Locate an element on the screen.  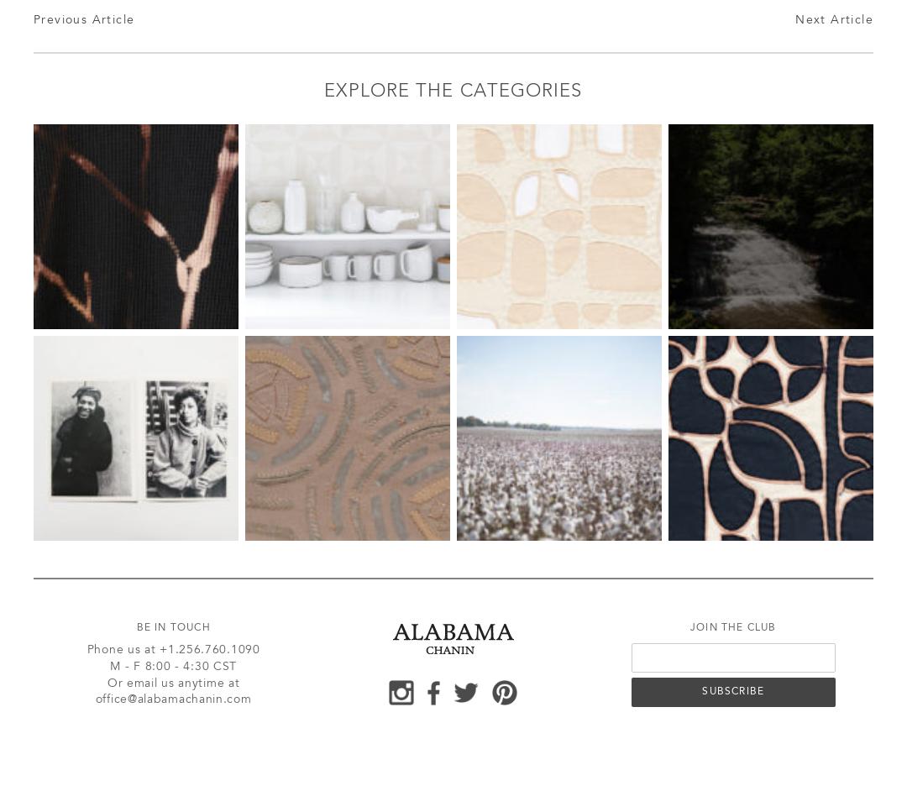
'Explore the Categories' is located at coordinates (452, 91).